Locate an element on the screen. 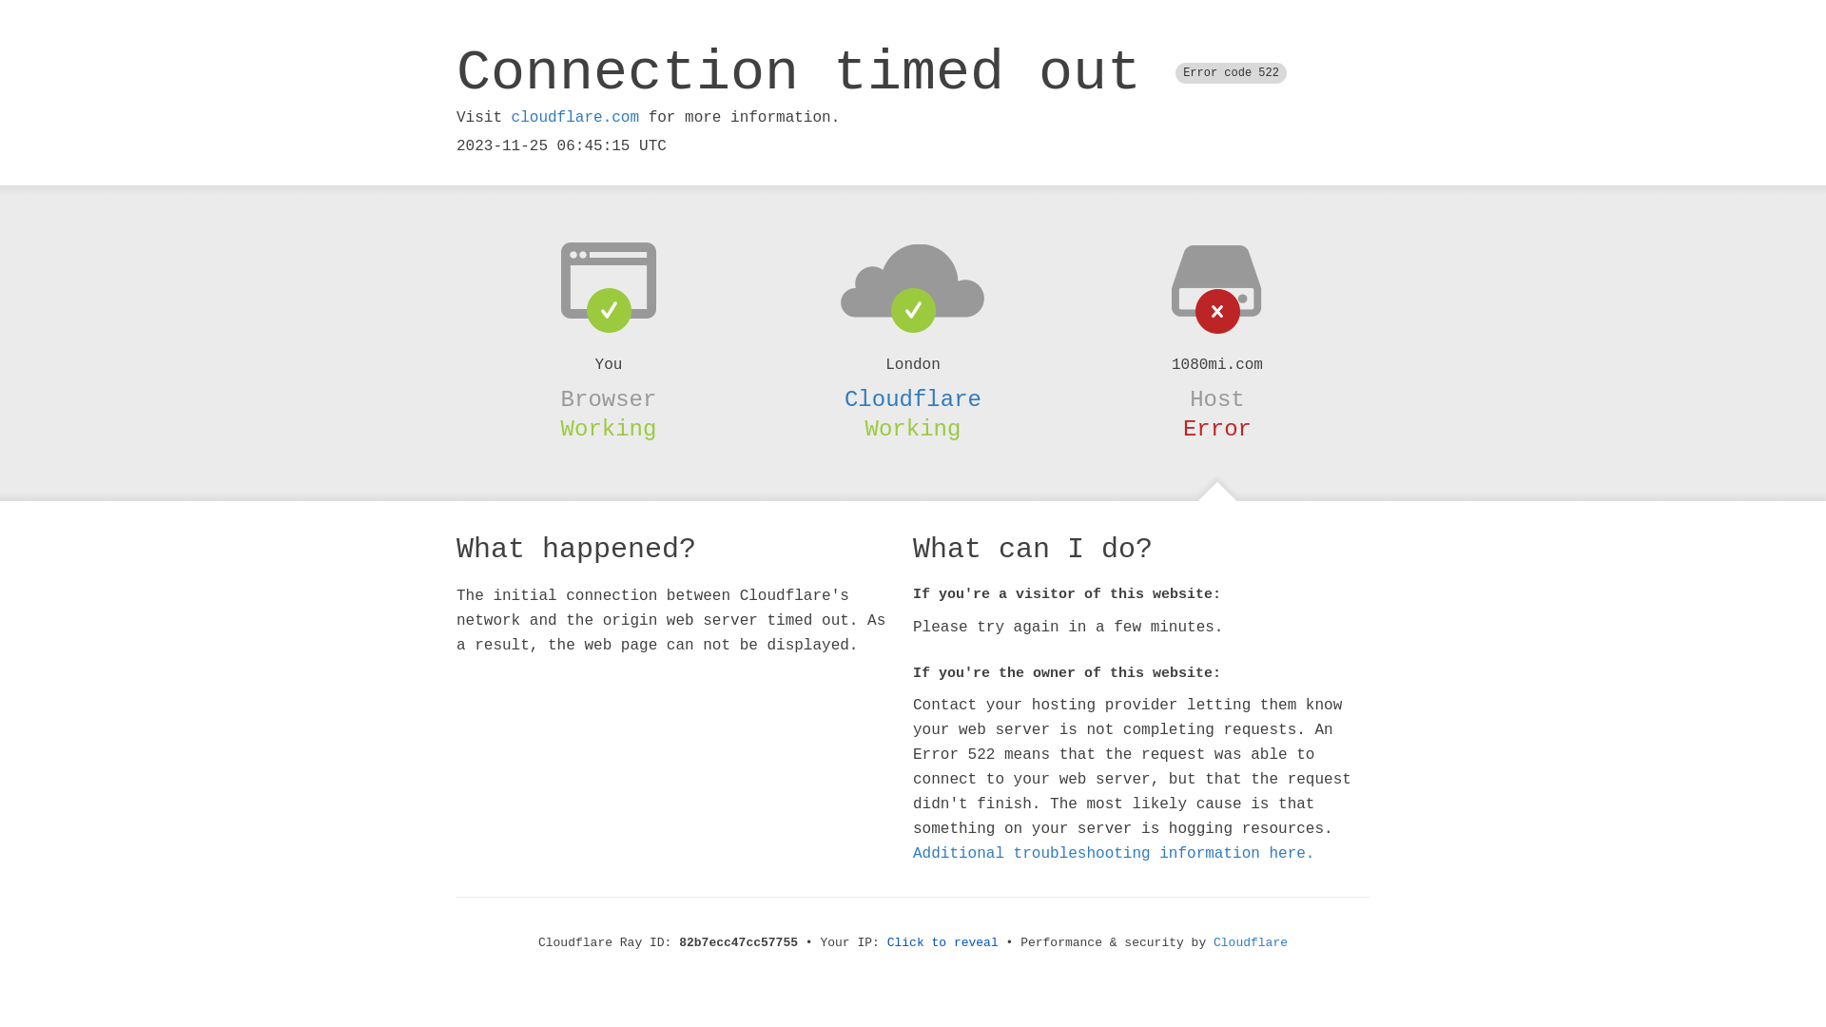  'cloudflare.com' is located at coordinates (511, 117).